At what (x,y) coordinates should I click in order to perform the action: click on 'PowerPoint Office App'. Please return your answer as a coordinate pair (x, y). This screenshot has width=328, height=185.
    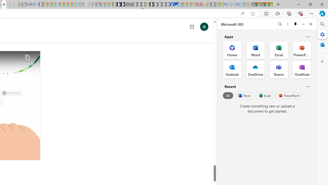
    Looking at the image, I should click on (302, 50).